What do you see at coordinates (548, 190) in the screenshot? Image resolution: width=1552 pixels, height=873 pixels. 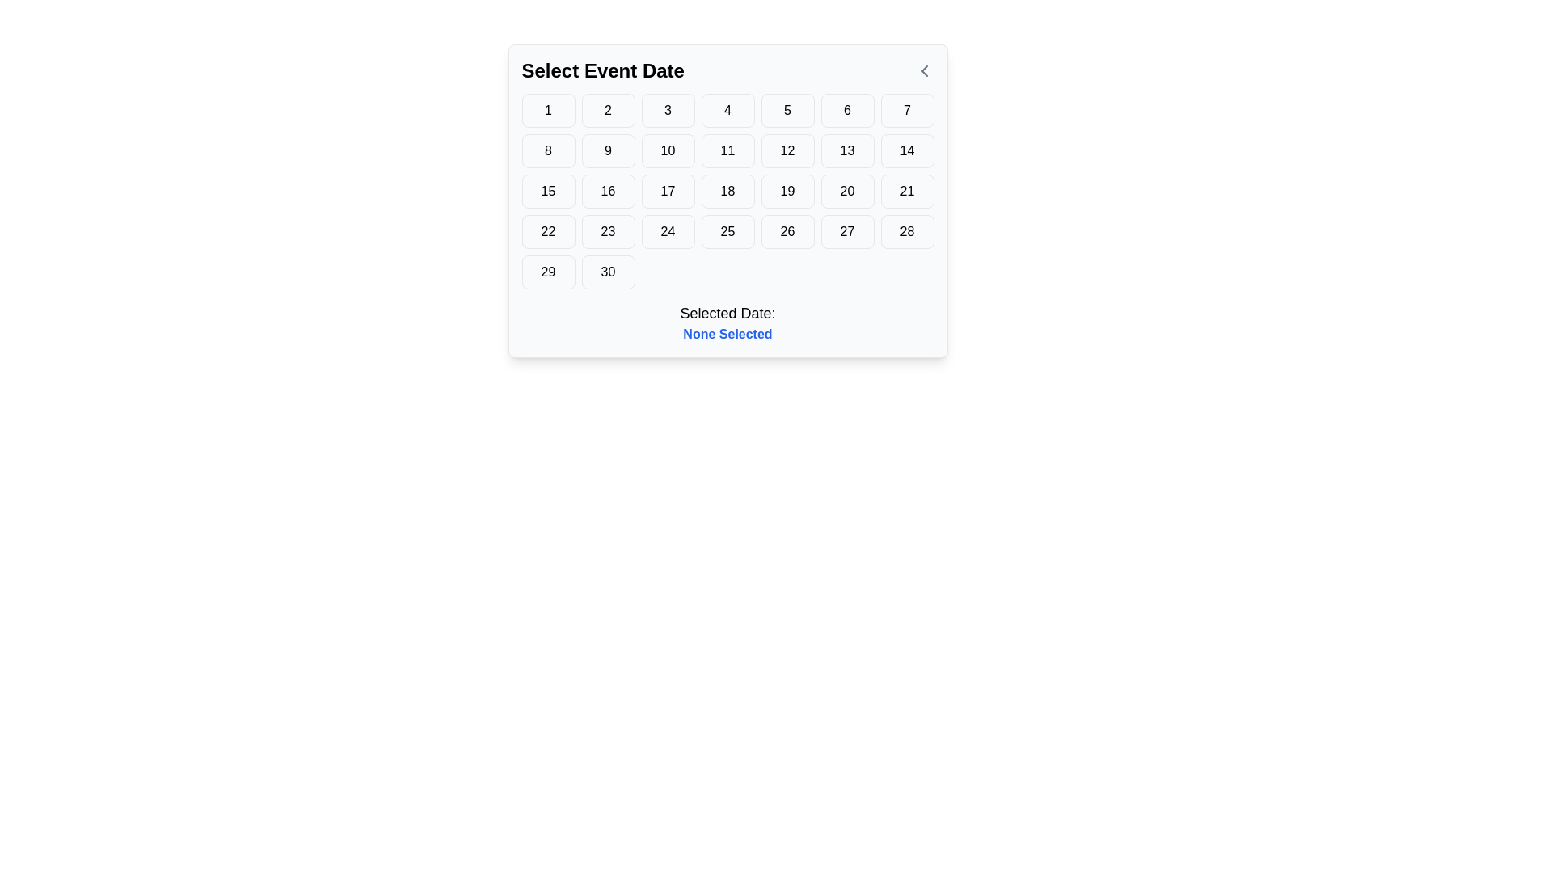 I see `the date selection button located in the 3rd row and 1st column of the calendar grid in the 'Select Event Date' modal` at bounding box center [548, 190].